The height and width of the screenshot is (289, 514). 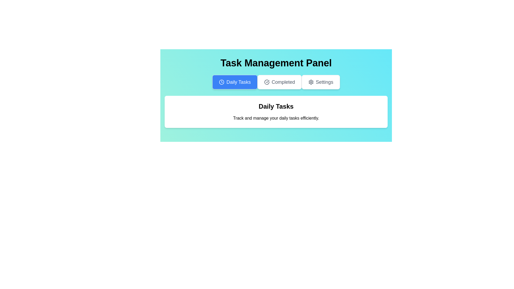 I want to click on the circular outline of the clock icon, which forms the body of the clock and is part of the 'Daily Tasks' button, indicating time management functionality, so click(x=222, y=82).